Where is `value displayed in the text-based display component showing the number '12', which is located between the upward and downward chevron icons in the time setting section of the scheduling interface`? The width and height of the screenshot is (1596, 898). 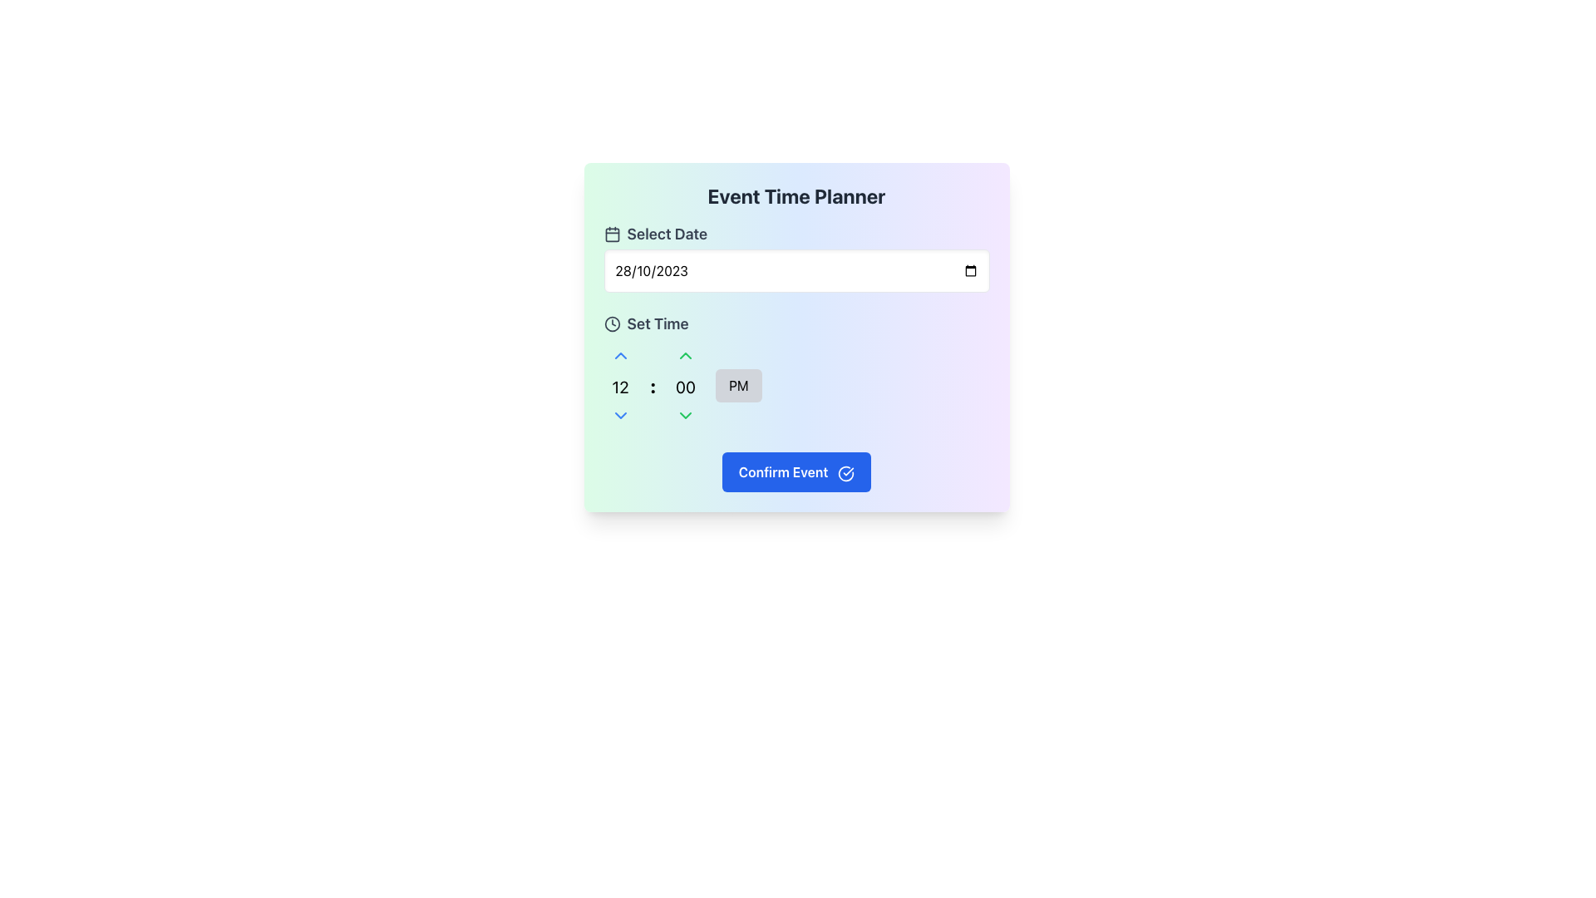
value displayed in the text-based display component showing the number '12', which is located between the upward and downward chevron icons in the time setting section of the scheduling interface is located at coordinates (619, 385).